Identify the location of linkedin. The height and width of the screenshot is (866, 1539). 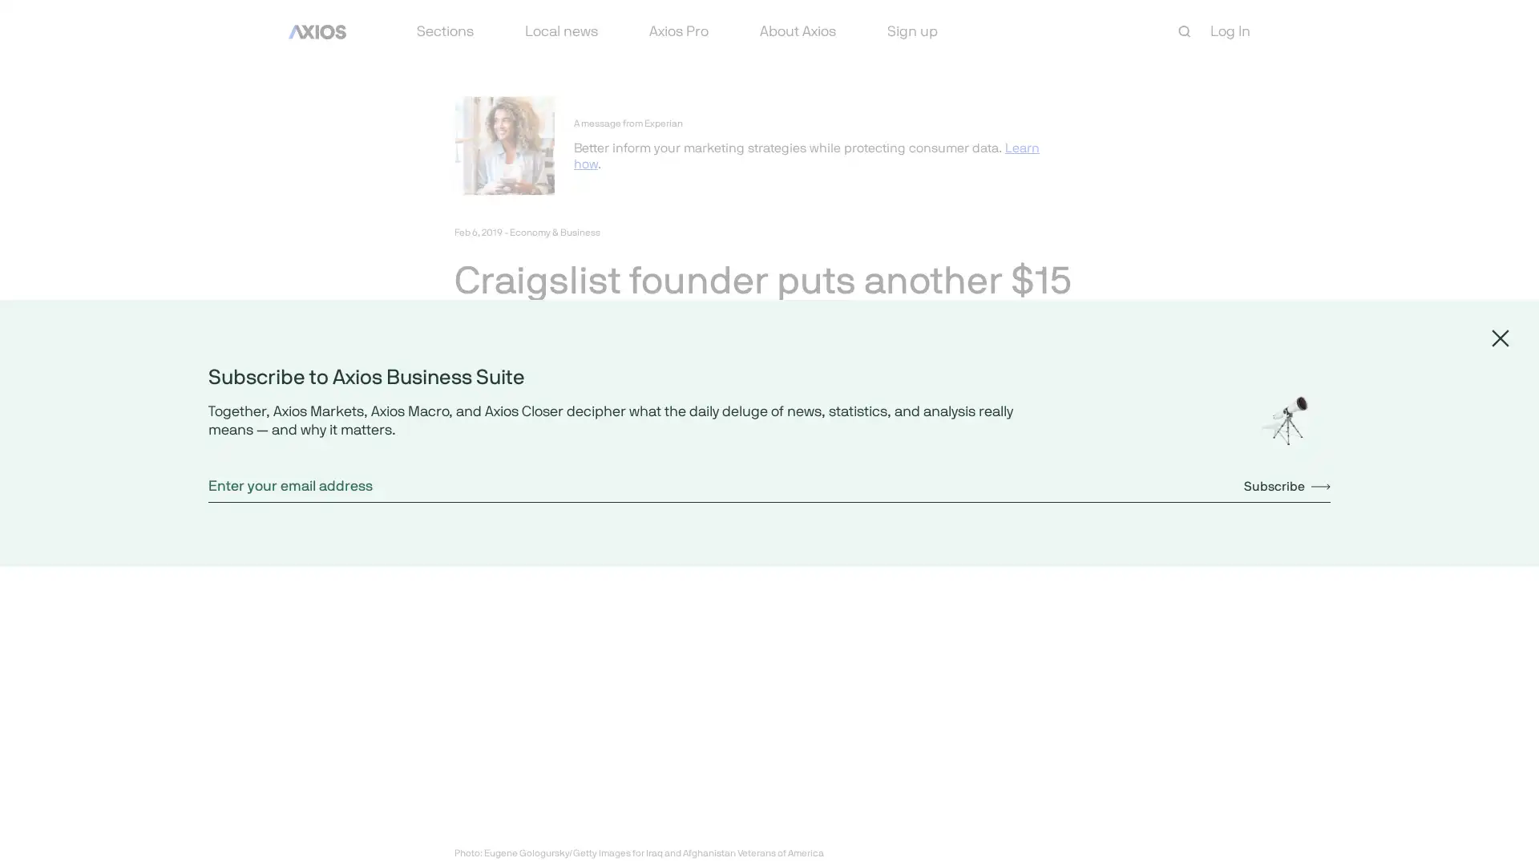
(543, 435).